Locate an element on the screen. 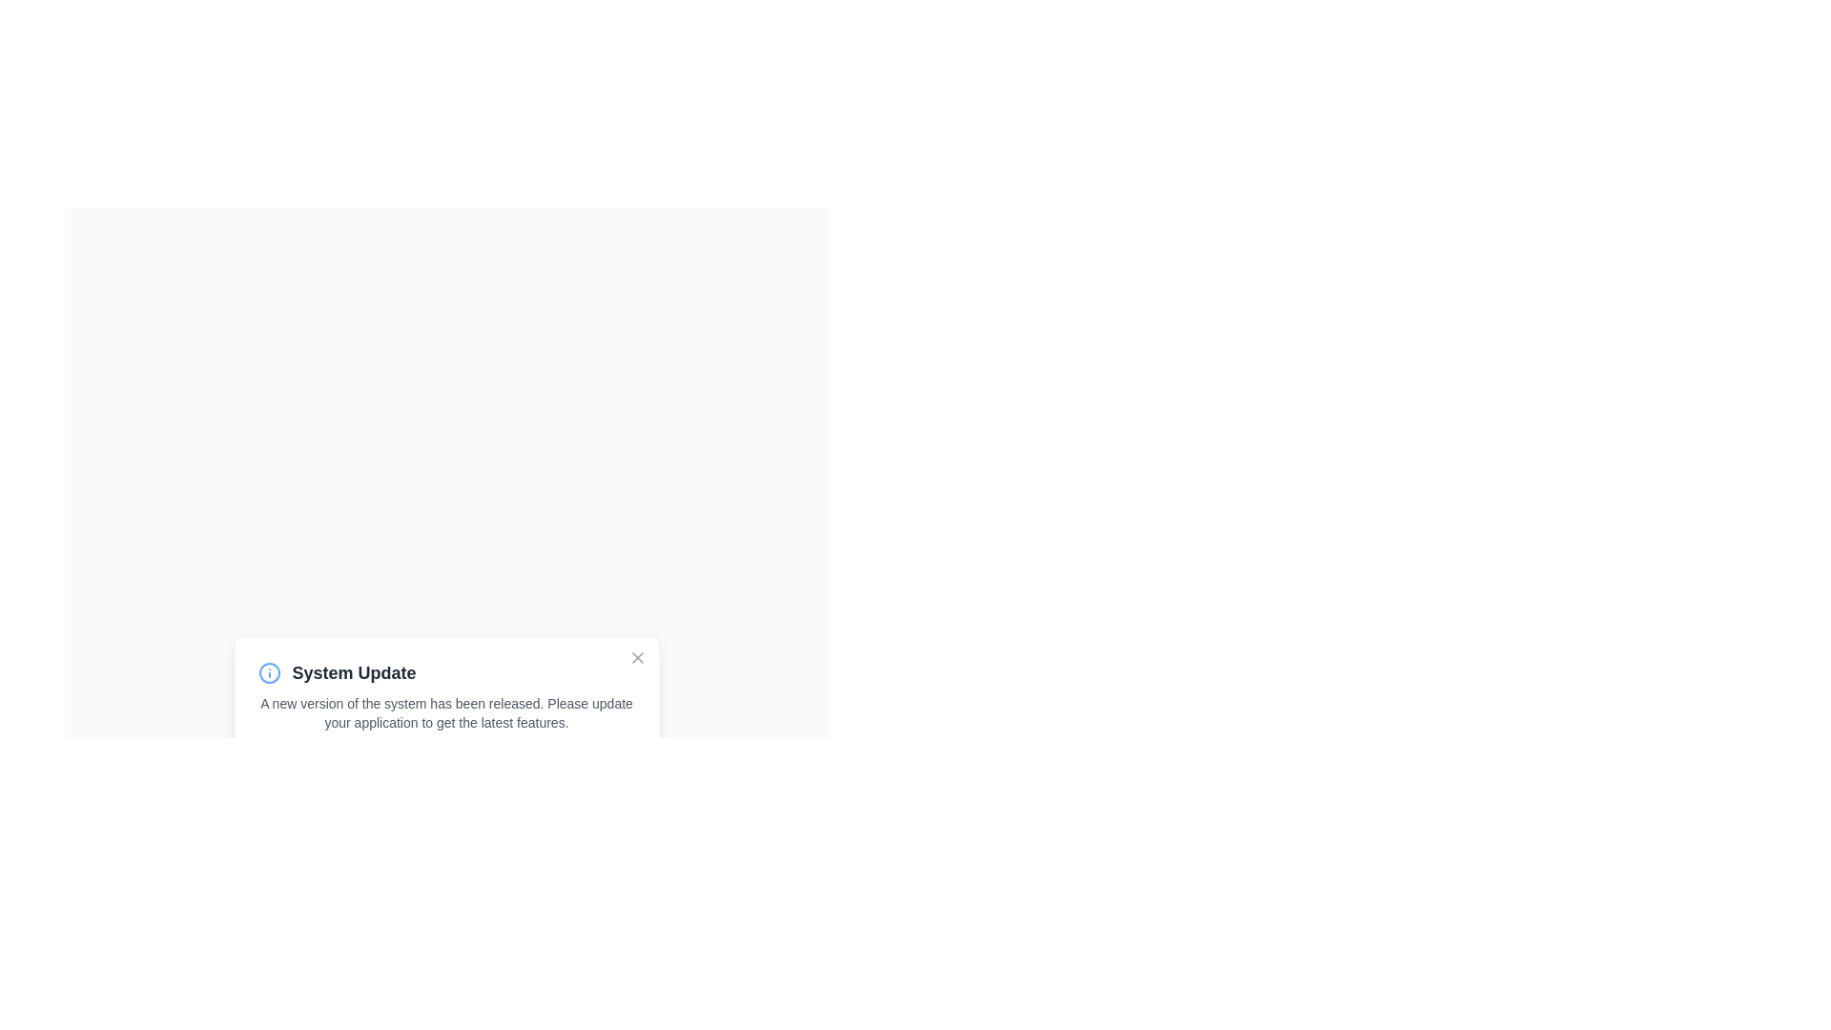 This screenshot has height=1030, width=1831. SVG circle element that serves as an information symbol within the 'System Update' notification card is located at coordinates (268, 671).